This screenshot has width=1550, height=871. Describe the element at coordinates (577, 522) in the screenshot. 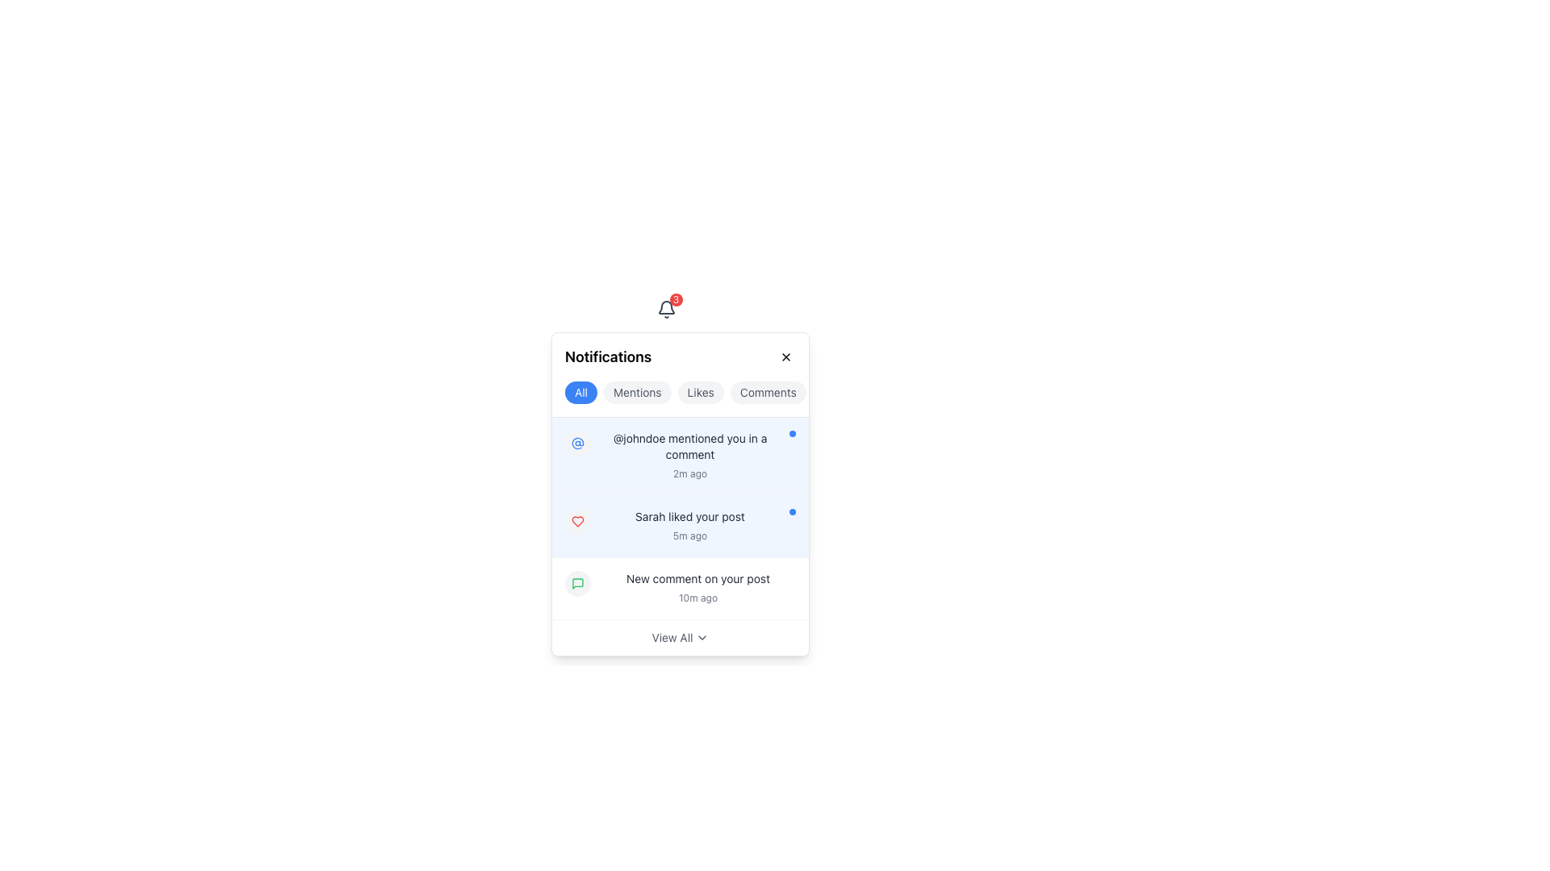

I see `the 'like' notification icon for the action performed by user Sarah in the notification entry stating 'Sarah liked your post.'` at that location.